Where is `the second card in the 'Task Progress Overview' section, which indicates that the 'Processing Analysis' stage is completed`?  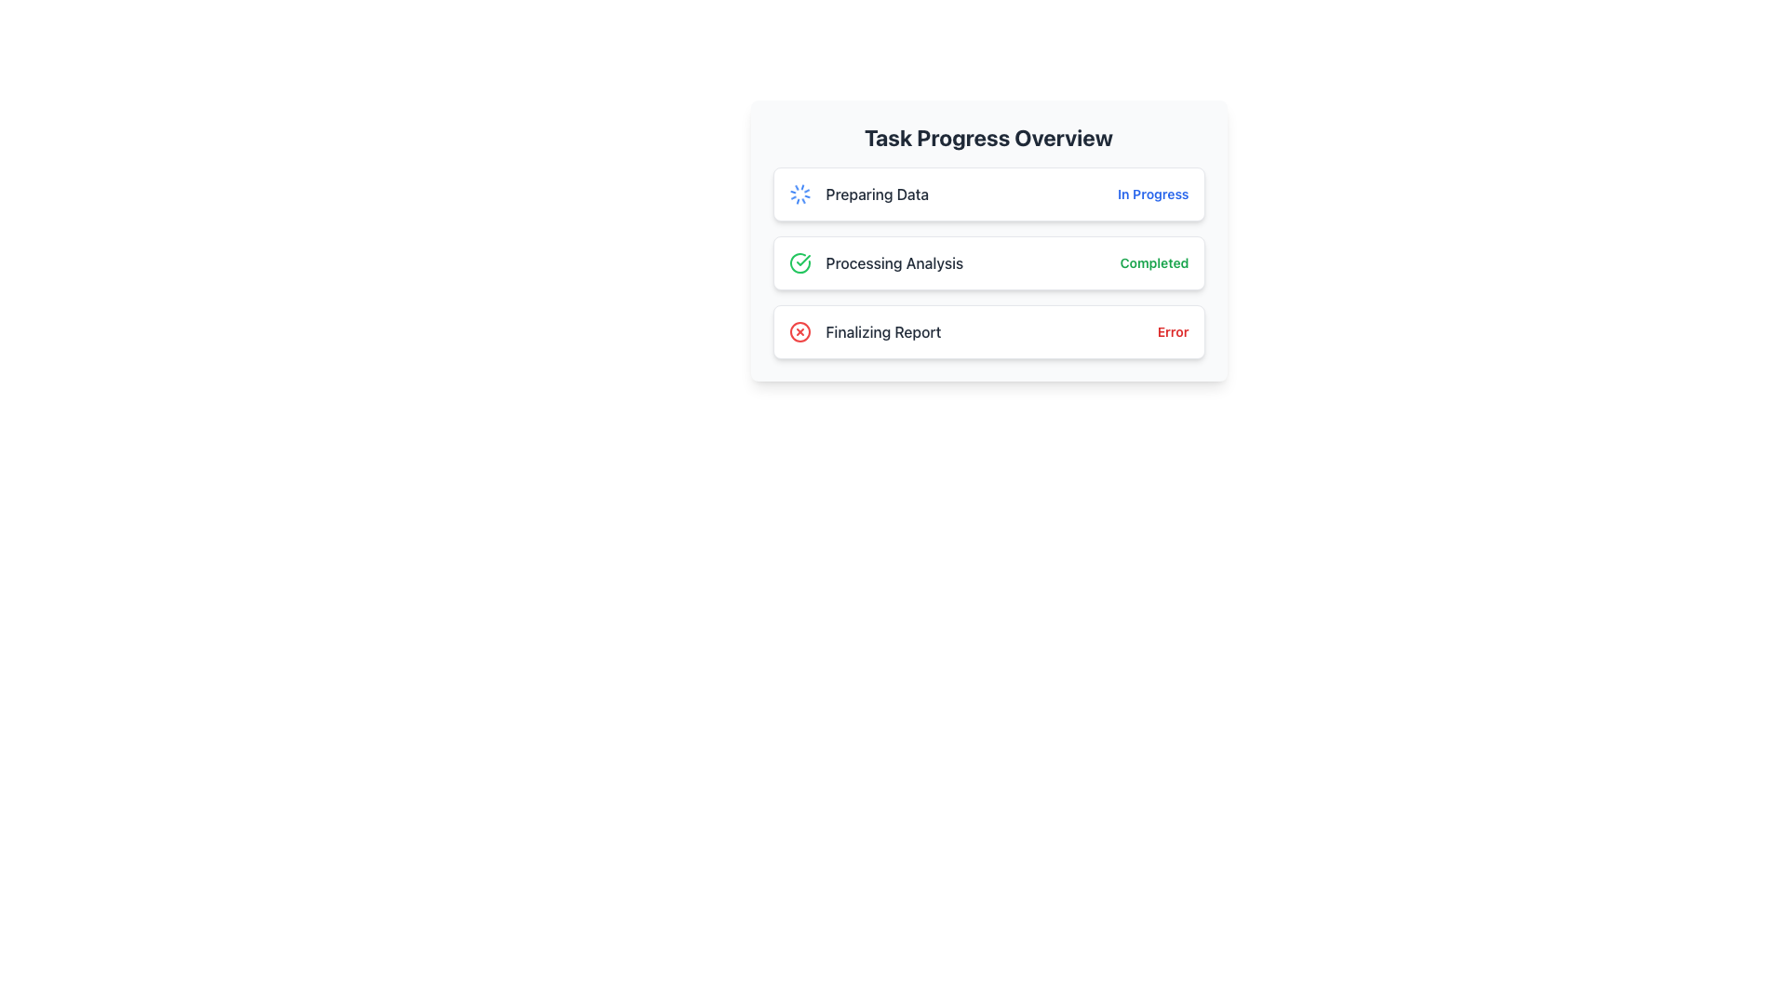 the second card in the 'Task Progress Overview' section, which indicates that the 'Processing Analysis' stage is completed is located at coordinates (988, 239).